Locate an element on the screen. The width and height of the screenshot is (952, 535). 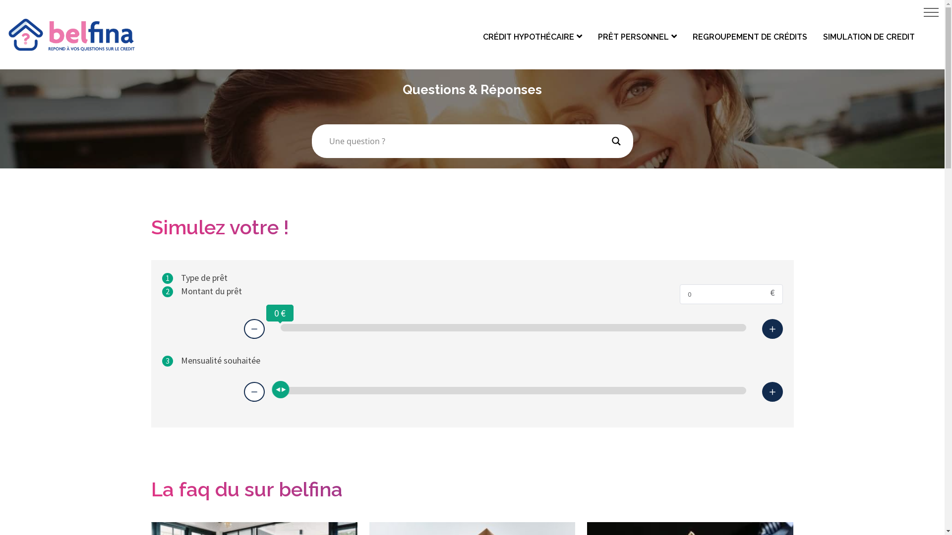
'SIMULATION DE CREDIT' is located at coordinates (868, 36).